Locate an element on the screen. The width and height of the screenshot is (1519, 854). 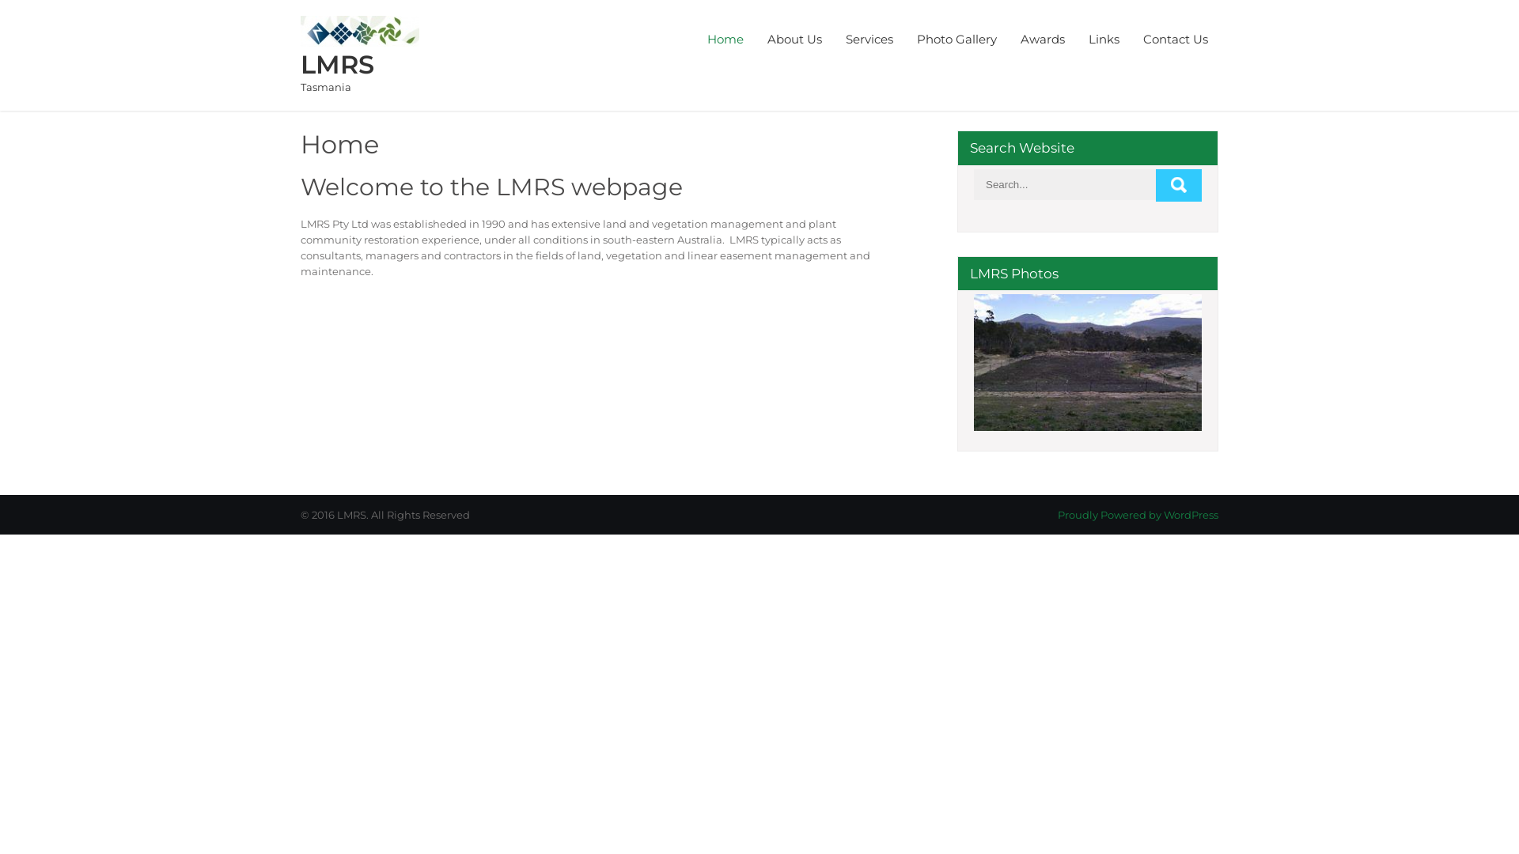
'Links' is located at coordinates (1103, 39).